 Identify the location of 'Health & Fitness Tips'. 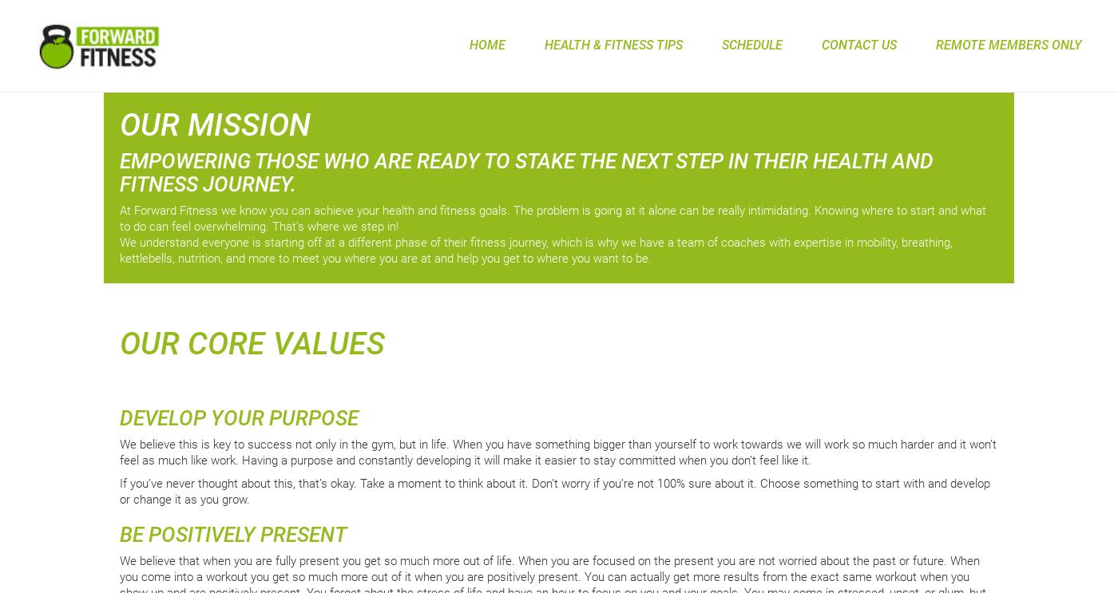
(613, 44).